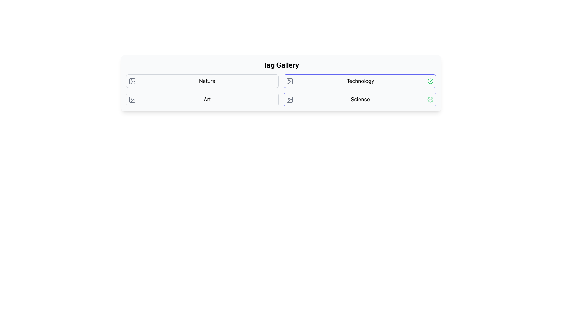 This screenshot has width=570, height=320. I want to click on the graphical subcomponent within the SVG that represents the technology button in the top-right section of the layout, so click(290, 82).